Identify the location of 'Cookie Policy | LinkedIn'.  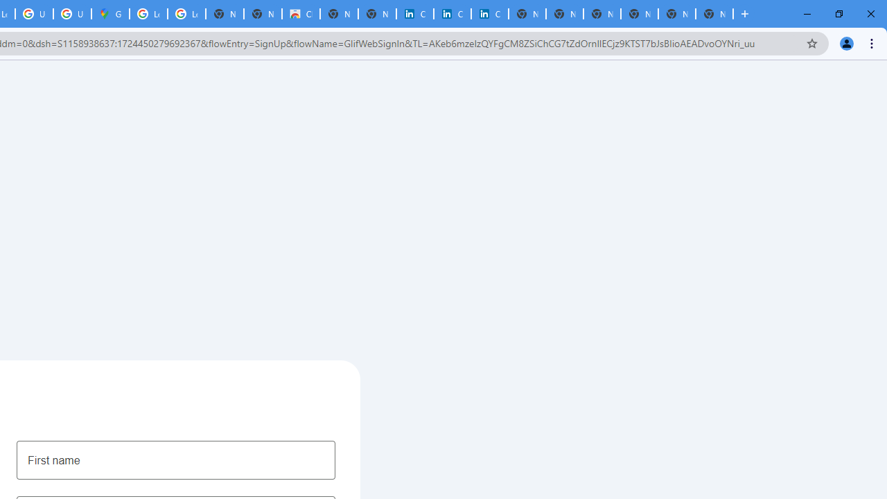
(452, 14).